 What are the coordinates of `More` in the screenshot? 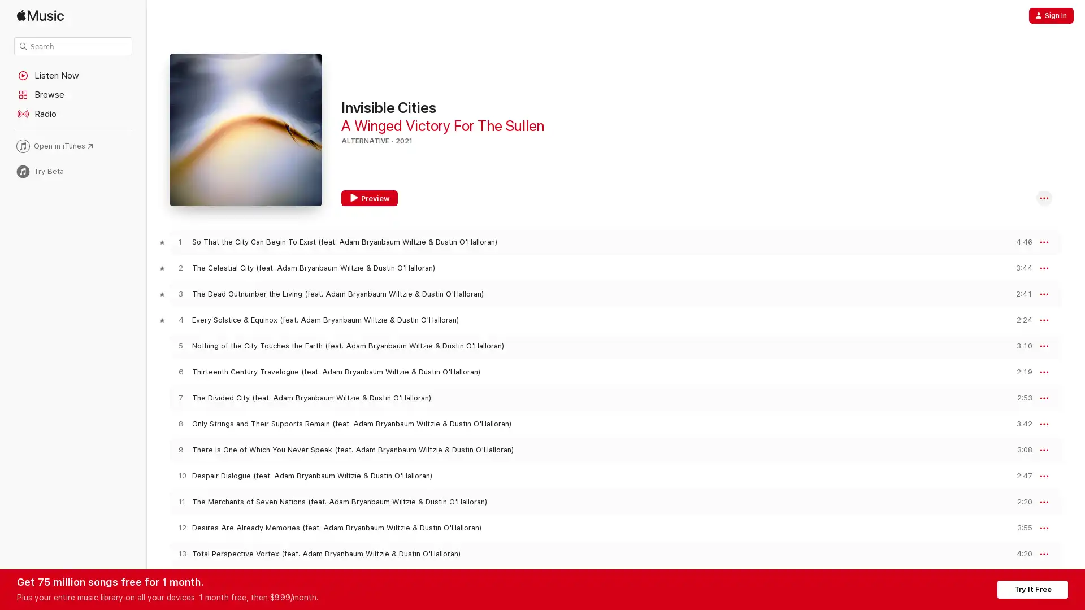 It's located at (1044, 320).